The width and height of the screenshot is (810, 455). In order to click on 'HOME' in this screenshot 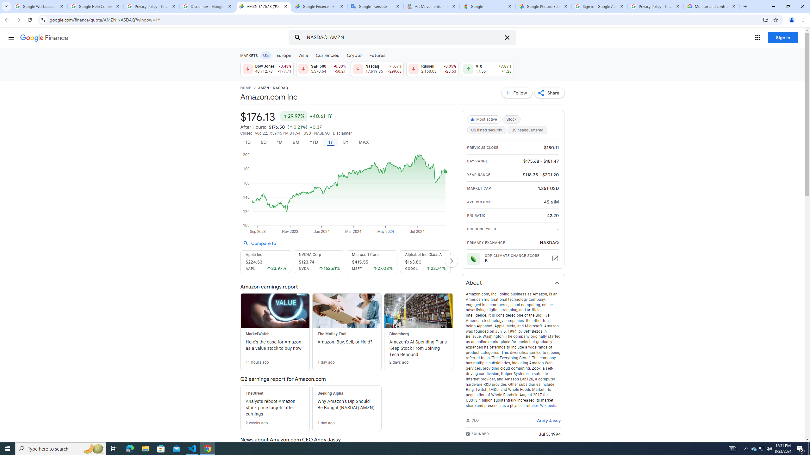, I will do `click(245, 88)`.